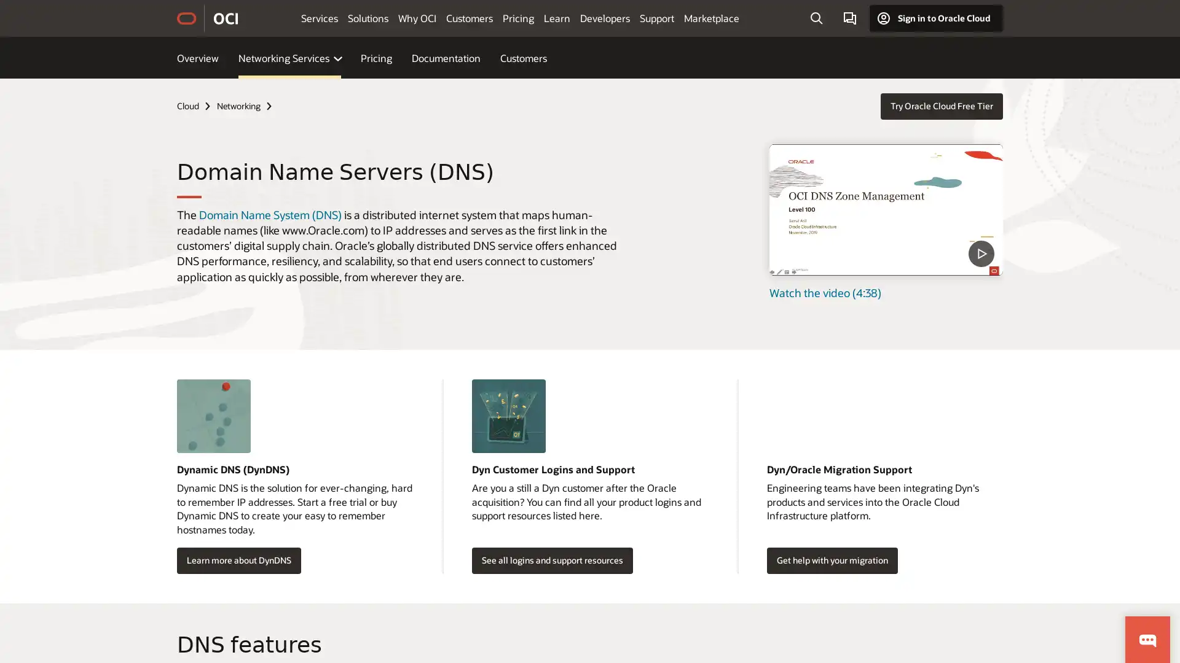 The image size is (1180, 663). What do you see at coordinates (319, 18) in the screenshot?
I see `Services` at bounding box center [319, 18].